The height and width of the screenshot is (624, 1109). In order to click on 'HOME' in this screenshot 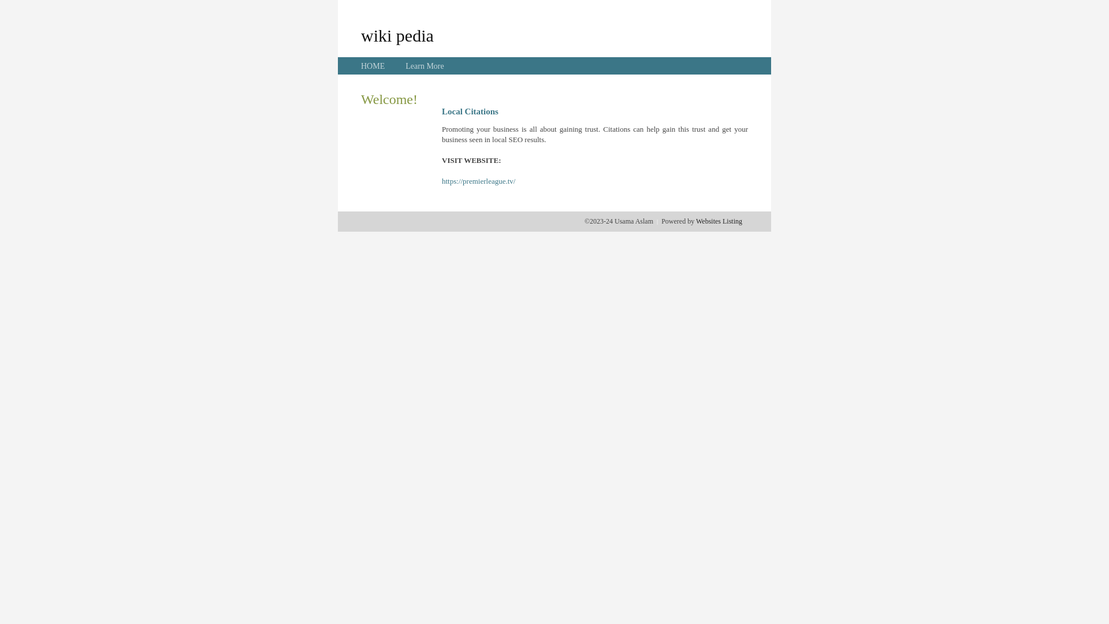, I will do `click(360, 66)`.